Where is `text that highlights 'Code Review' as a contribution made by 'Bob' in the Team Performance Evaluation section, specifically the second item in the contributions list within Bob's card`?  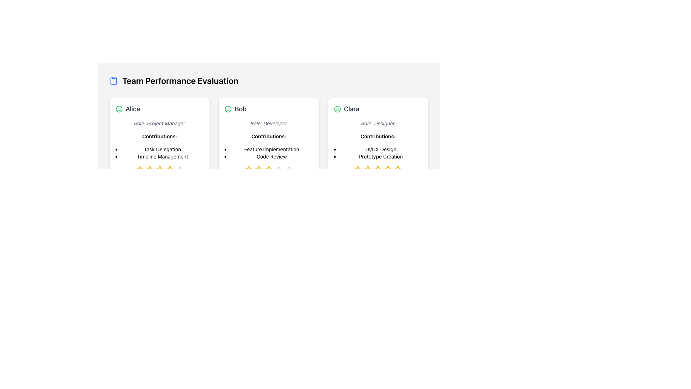 text that highlights 'Code Review' as a contribution made by 'Bob' in the Team Performance Evaluation section, specifically the second item in the contributions list within Bob's card is located at coordinates (271, 156).